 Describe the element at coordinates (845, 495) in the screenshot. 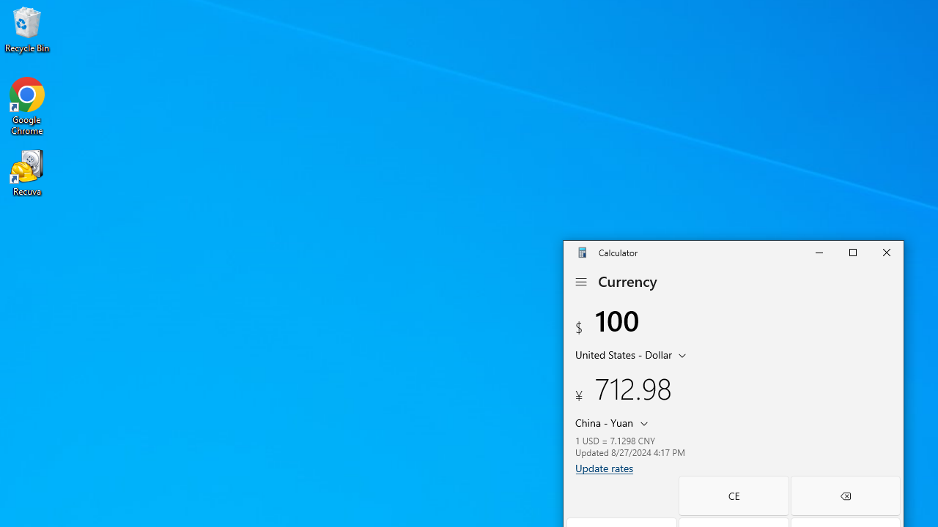

I see `'Backspace'` at that location.